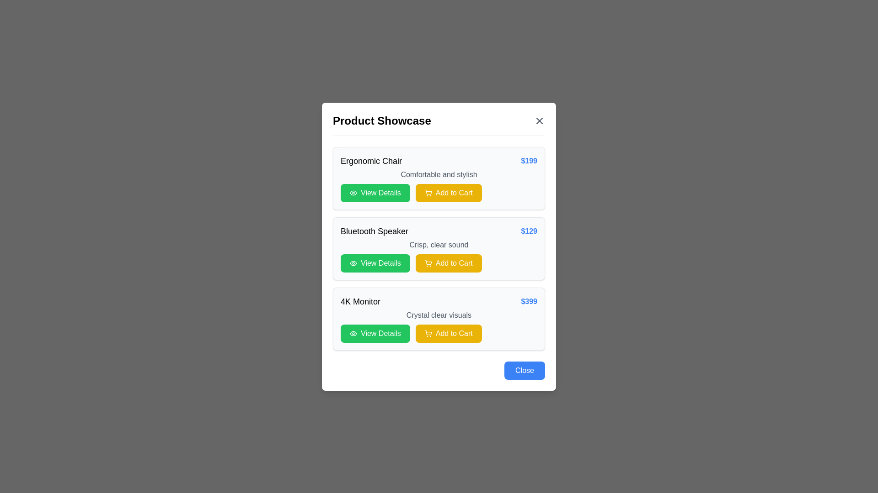  I want to click on text label displaying '4K Monitor' which is prominently placed in the bottom section of the product card, so click(360, 301).